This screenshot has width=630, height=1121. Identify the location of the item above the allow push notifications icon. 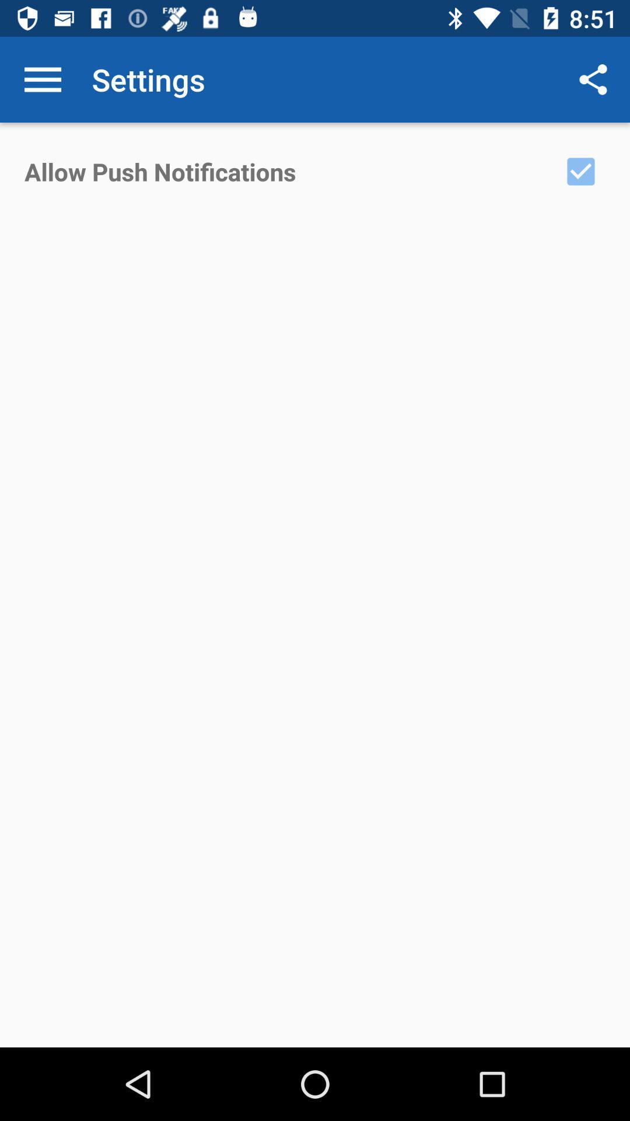
(42, 79).